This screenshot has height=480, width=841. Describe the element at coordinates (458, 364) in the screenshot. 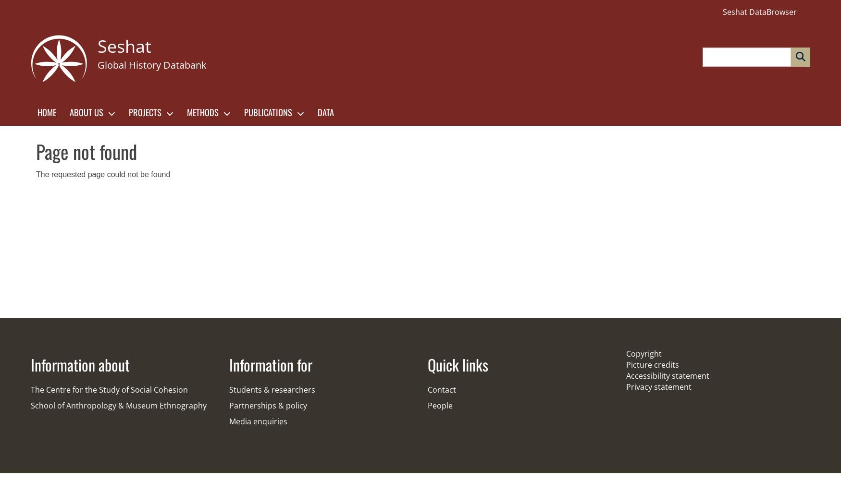

I see `'Quick links'` at that location.